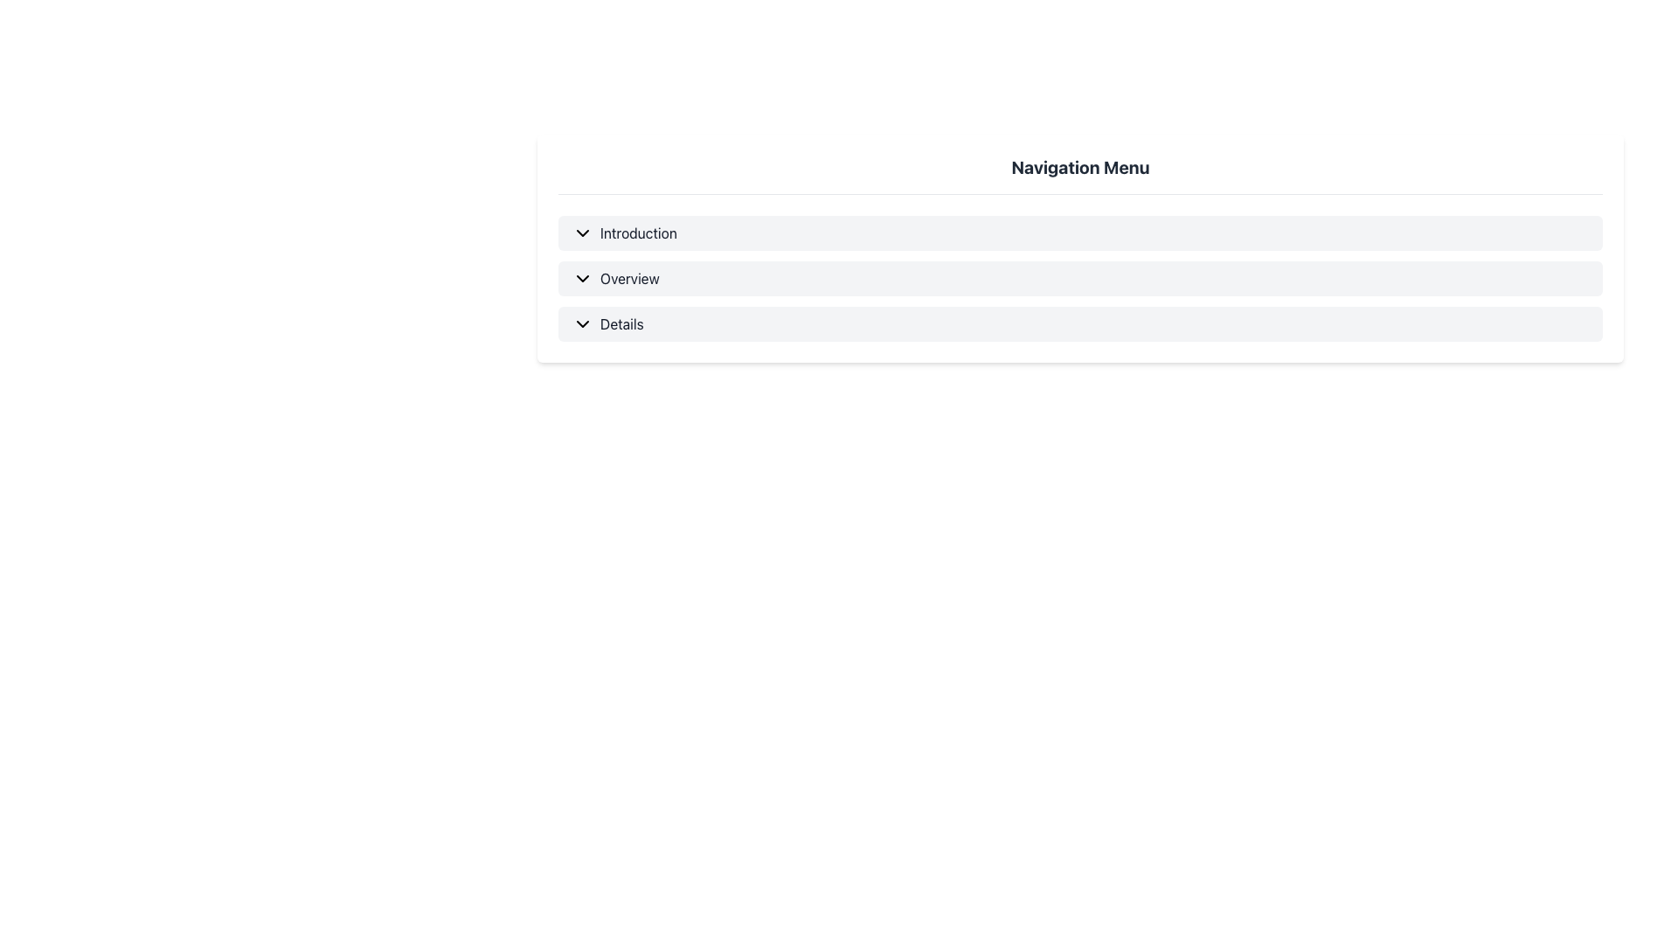  What do you see at coordinates (621, 323) in the screenshot?
I see `the 'Details' hyperlink in the vertical navigation menu` at bounding box center [621, 323].